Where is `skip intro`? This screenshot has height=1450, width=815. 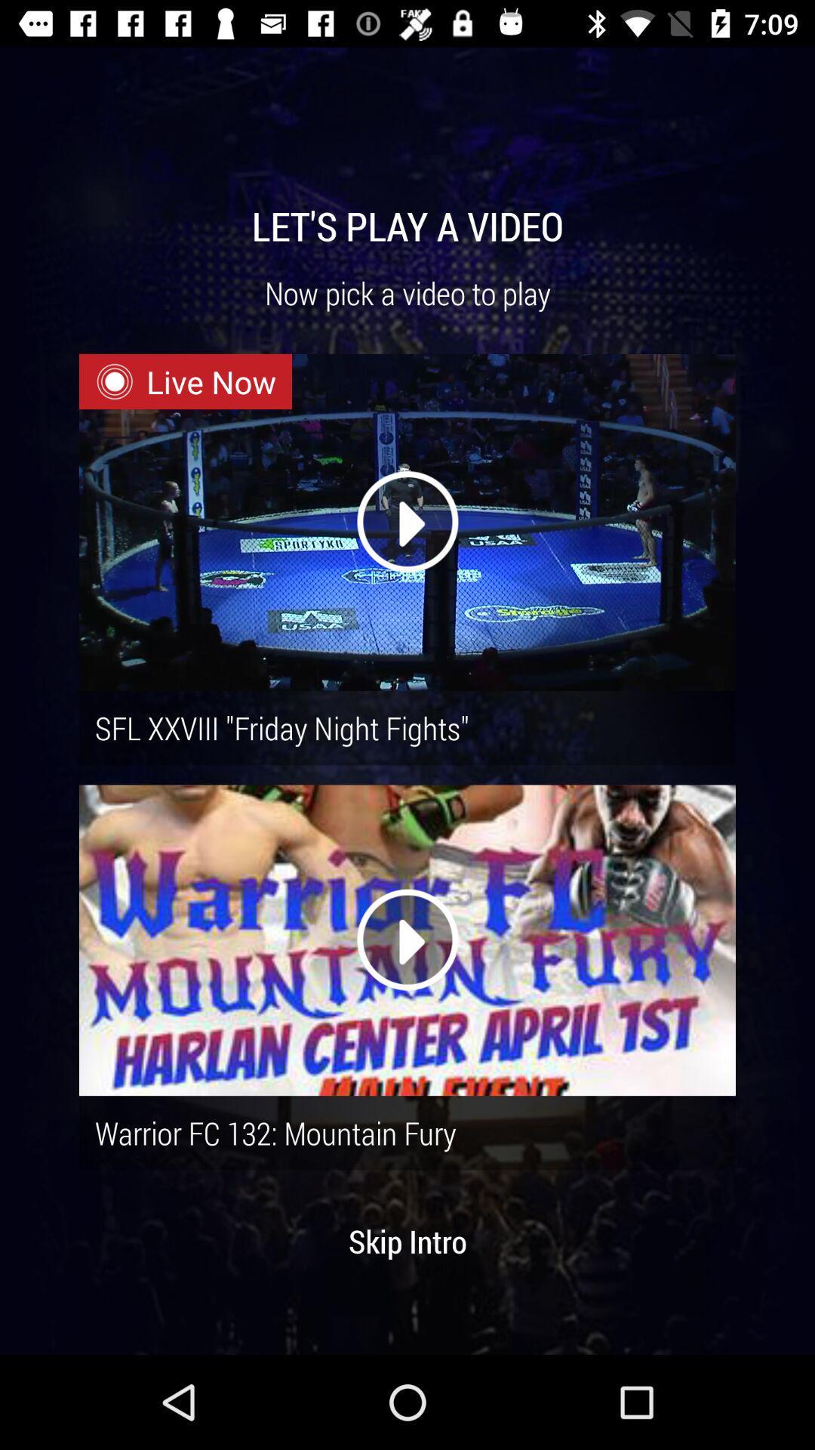
skip intro is located at coordinates (407, 1241).